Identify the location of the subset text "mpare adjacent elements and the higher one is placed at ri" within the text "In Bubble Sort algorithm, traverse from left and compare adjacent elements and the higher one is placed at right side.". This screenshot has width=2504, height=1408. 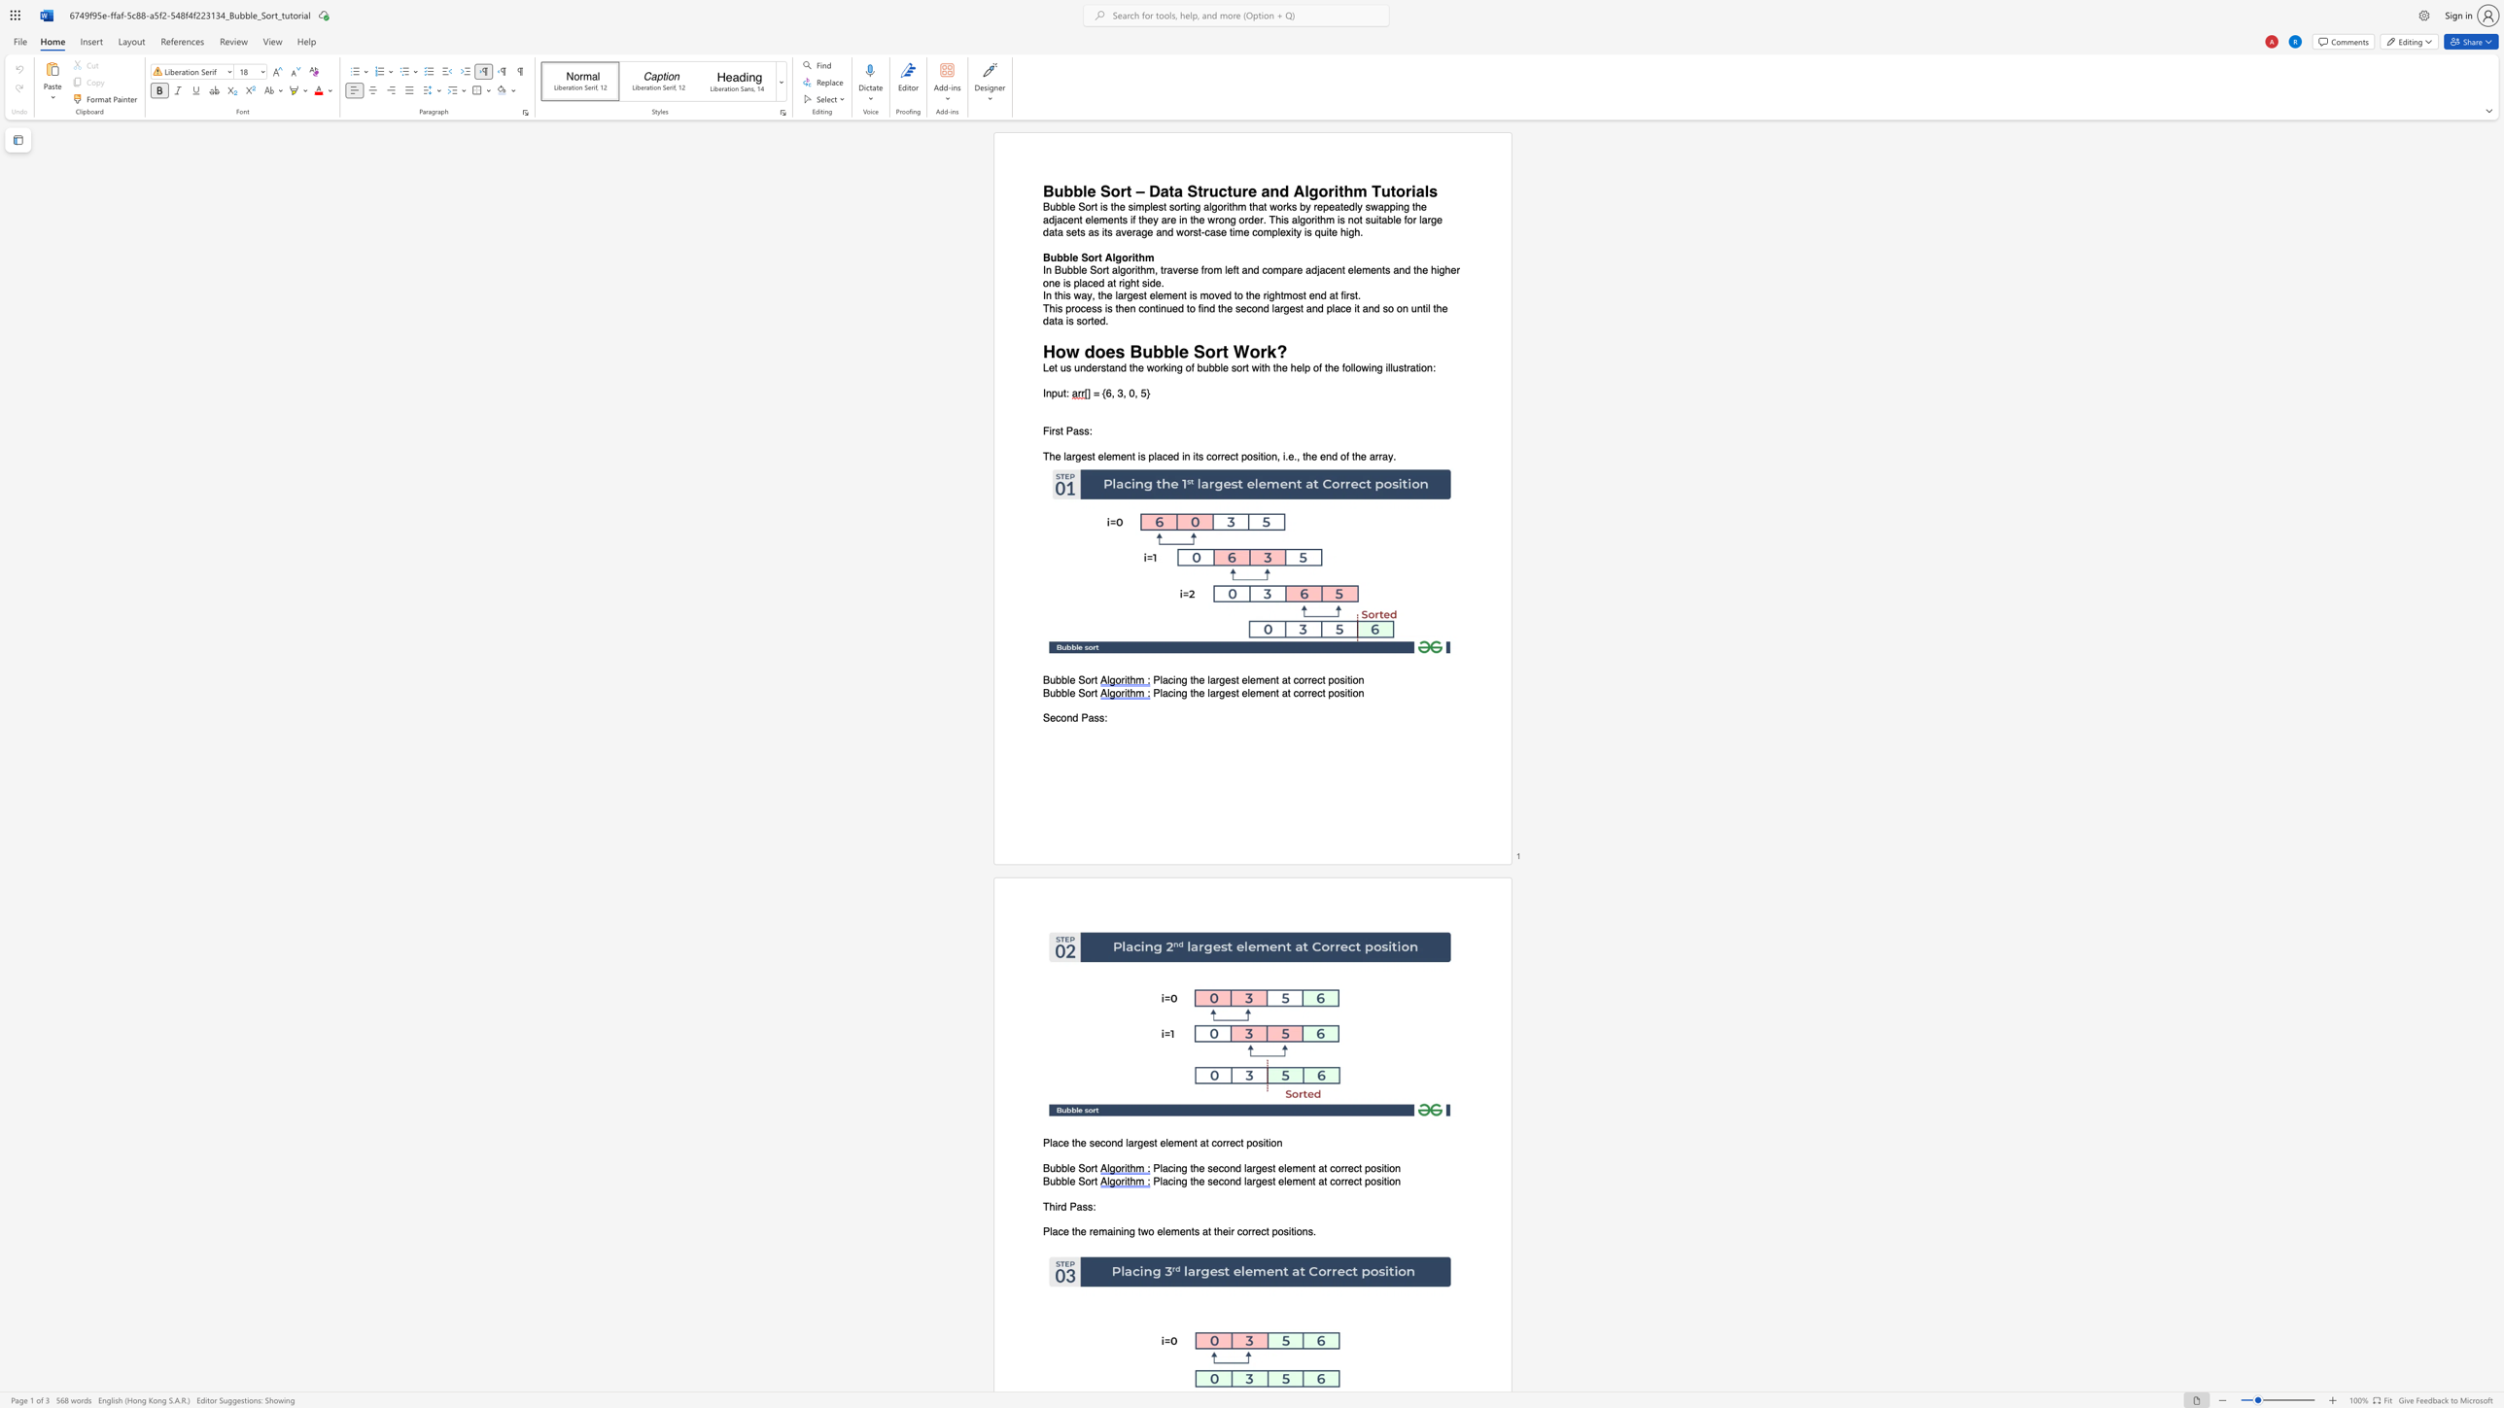
(1272, 270).